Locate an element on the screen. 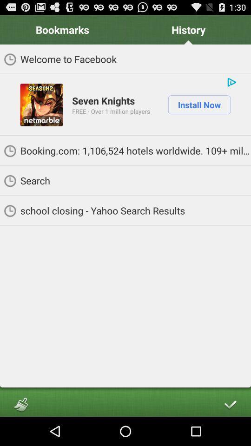 This screenshot has width=251, height=446. icon next to seven knights icon is located at coordinates (41, 105).